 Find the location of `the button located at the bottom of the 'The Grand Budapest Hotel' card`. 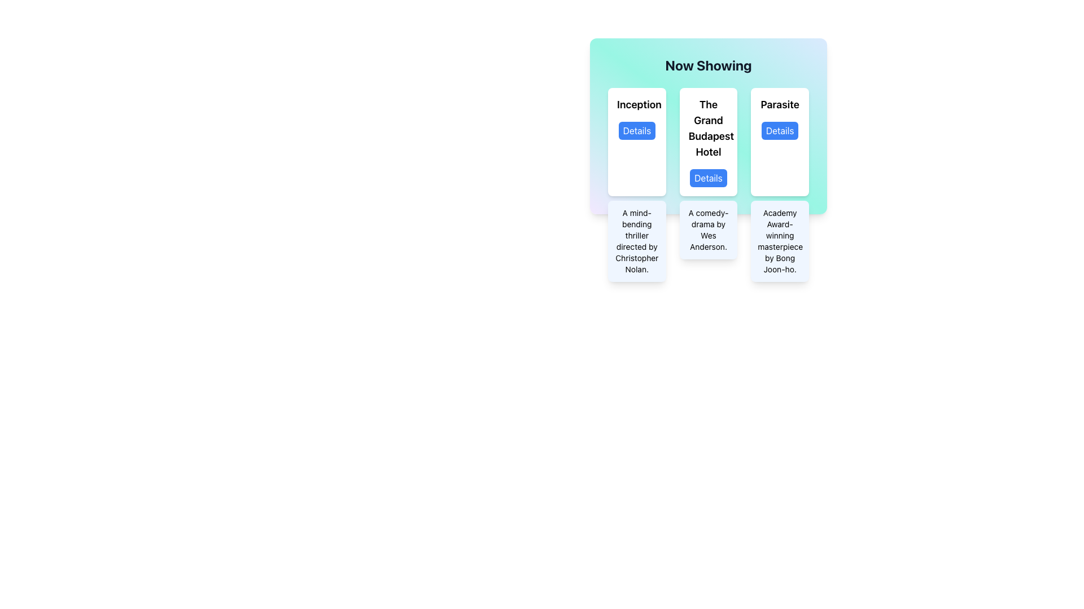

the button located at the bottom of the 'The Grand Budapest Hotel' card is located at coordinates (707, 178).